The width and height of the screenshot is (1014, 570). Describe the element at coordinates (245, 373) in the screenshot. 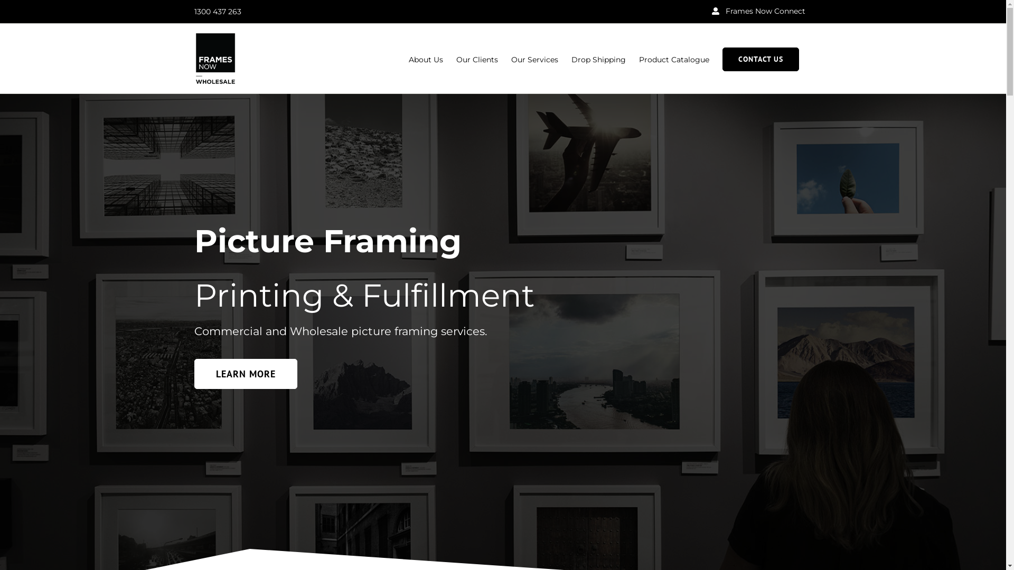

I see `'LEARN MORE'` at that location.